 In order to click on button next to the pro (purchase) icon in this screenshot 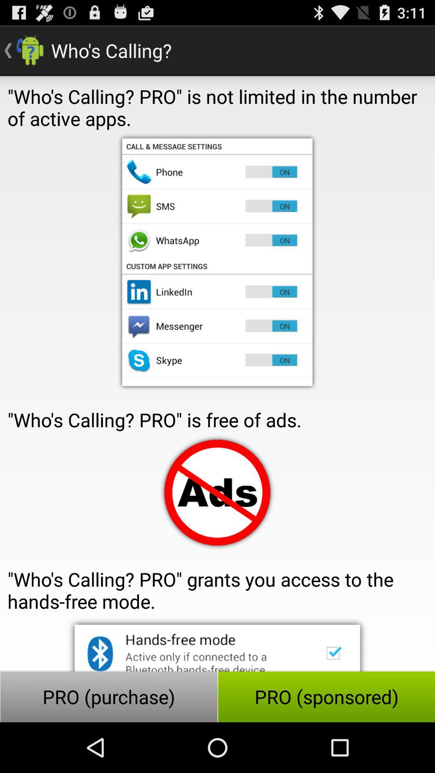, I will do `click(326, 697)`.